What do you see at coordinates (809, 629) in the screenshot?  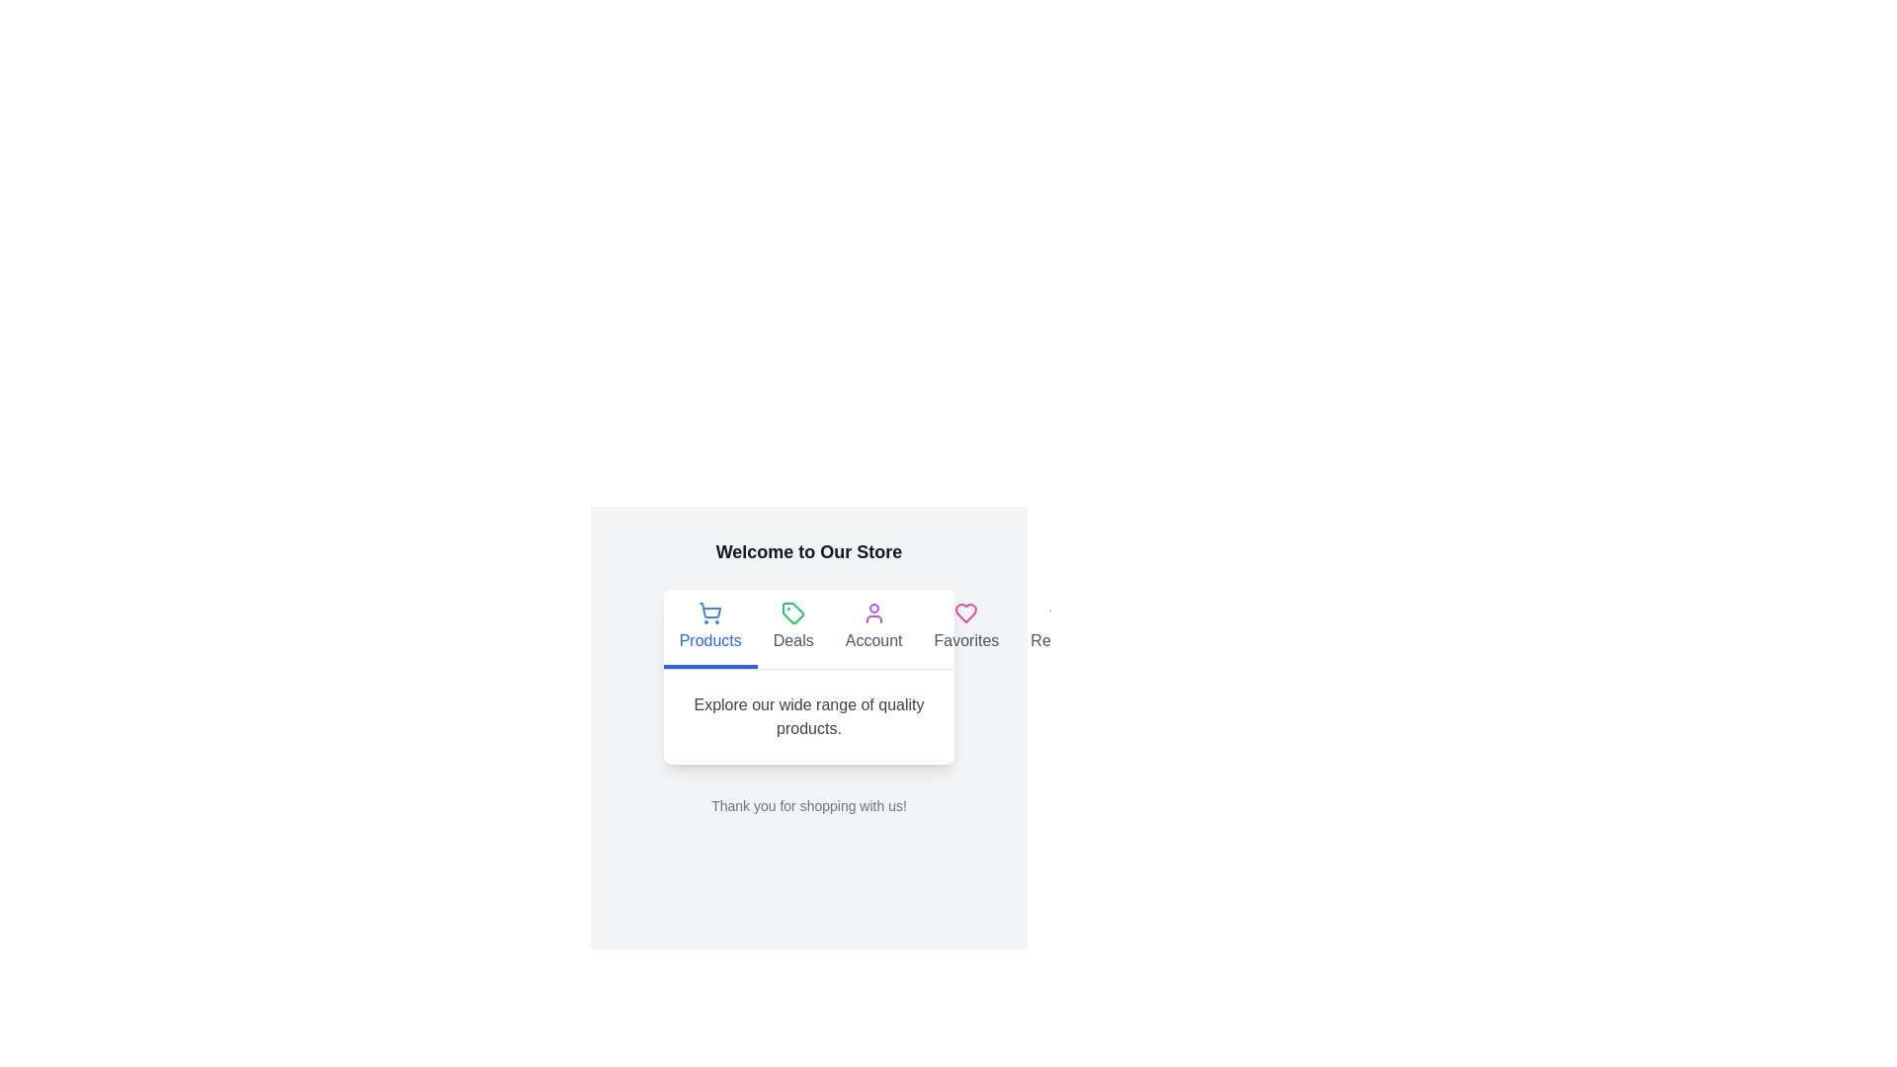 I see `the Navigation menu located below the title 'Welcome to Our Store' and above the description text` at bounding box center [809, 629].